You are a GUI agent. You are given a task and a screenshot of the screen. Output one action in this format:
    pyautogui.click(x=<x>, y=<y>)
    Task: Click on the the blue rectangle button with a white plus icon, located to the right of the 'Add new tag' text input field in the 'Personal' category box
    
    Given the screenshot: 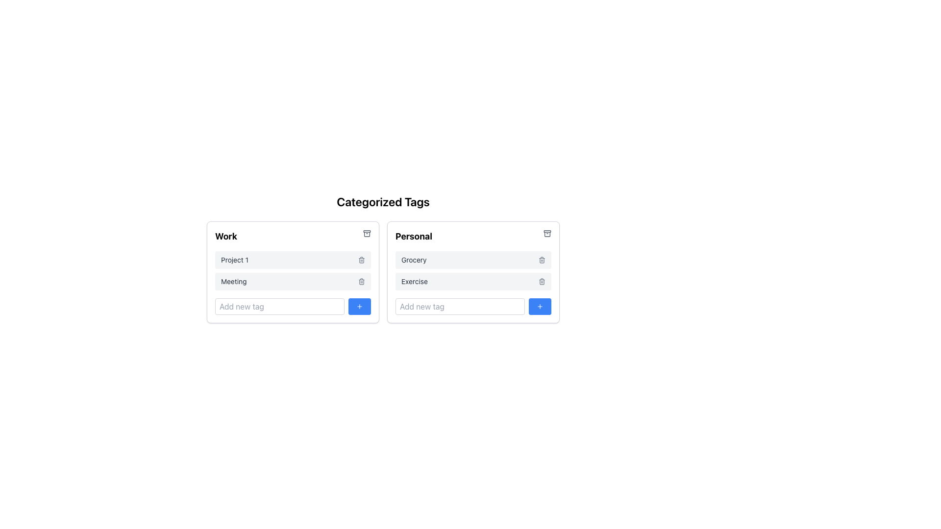 What is the action you would take?
    pyautogui.click(x=540, y=306)
    